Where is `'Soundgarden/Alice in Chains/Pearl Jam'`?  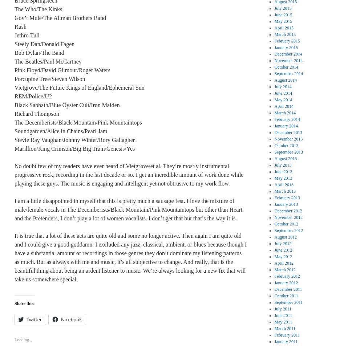 'Soundgarden/Alice in Chains/Pearl Jam' is located at coordinates (61, 130).